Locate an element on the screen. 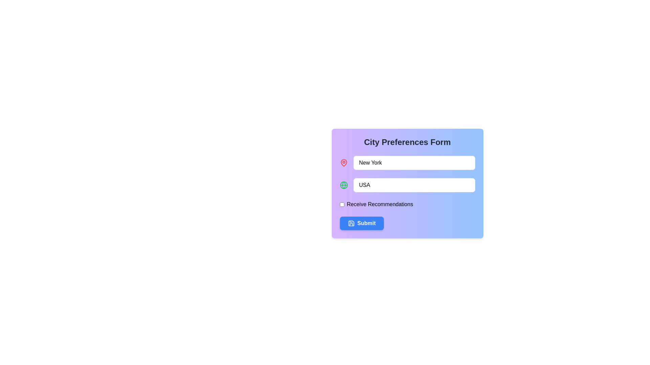 The height and width of the screenshot is (365, 650). the small rectangular checkbox positioned to the left of the 'Receive Recommendations' text for keyboard interaction is located at coordinates (342, 204).